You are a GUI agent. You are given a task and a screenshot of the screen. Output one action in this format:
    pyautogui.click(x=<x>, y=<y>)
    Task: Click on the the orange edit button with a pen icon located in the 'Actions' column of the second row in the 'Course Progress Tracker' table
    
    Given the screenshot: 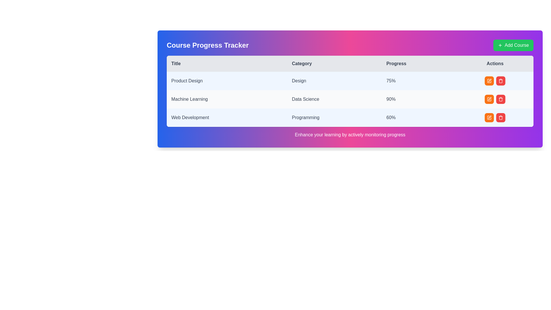 What is the action you would take?
    pyautogui.click(x=489, y=99)
    